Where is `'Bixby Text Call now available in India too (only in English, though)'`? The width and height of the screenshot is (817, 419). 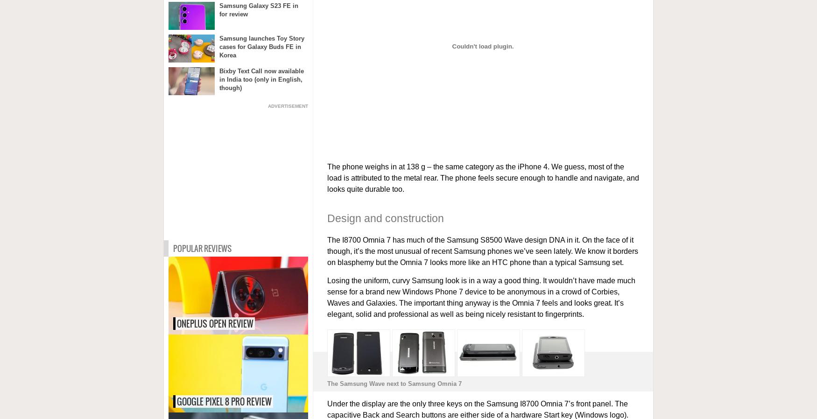
'Bixby Text Call now available in India too (only in English, though)' is located at coordinates (261, 79).